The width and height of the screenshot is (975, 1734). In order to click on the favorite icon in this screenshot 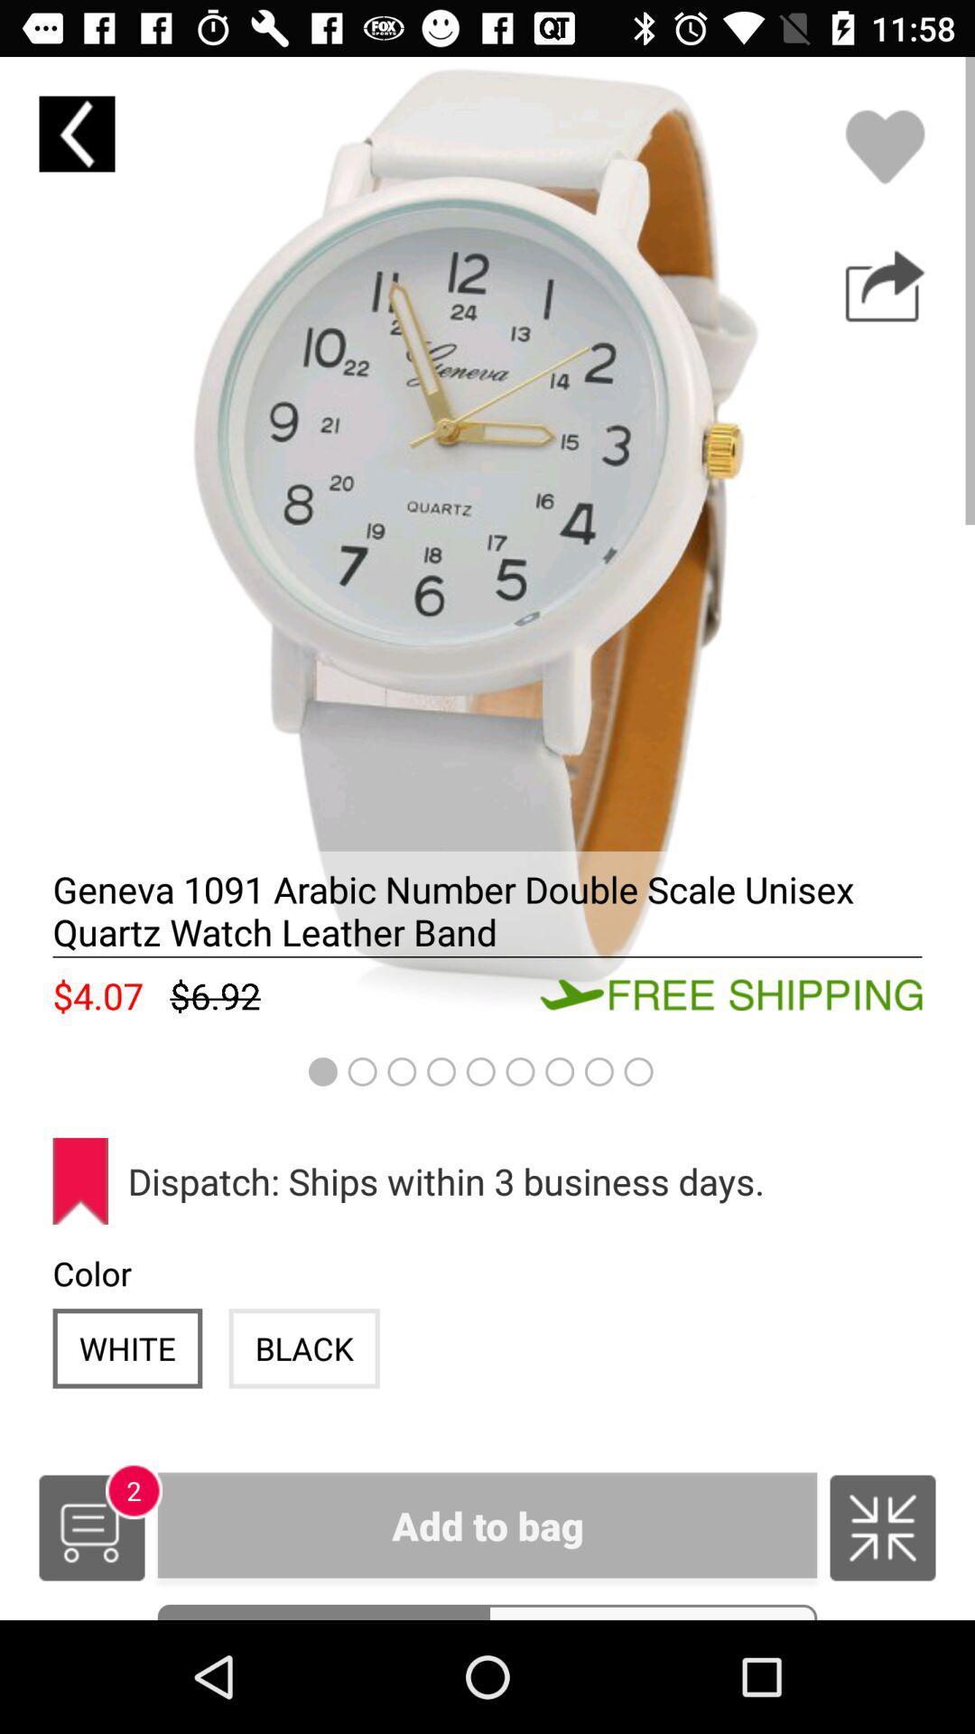, I will do `click(884, 146)`.